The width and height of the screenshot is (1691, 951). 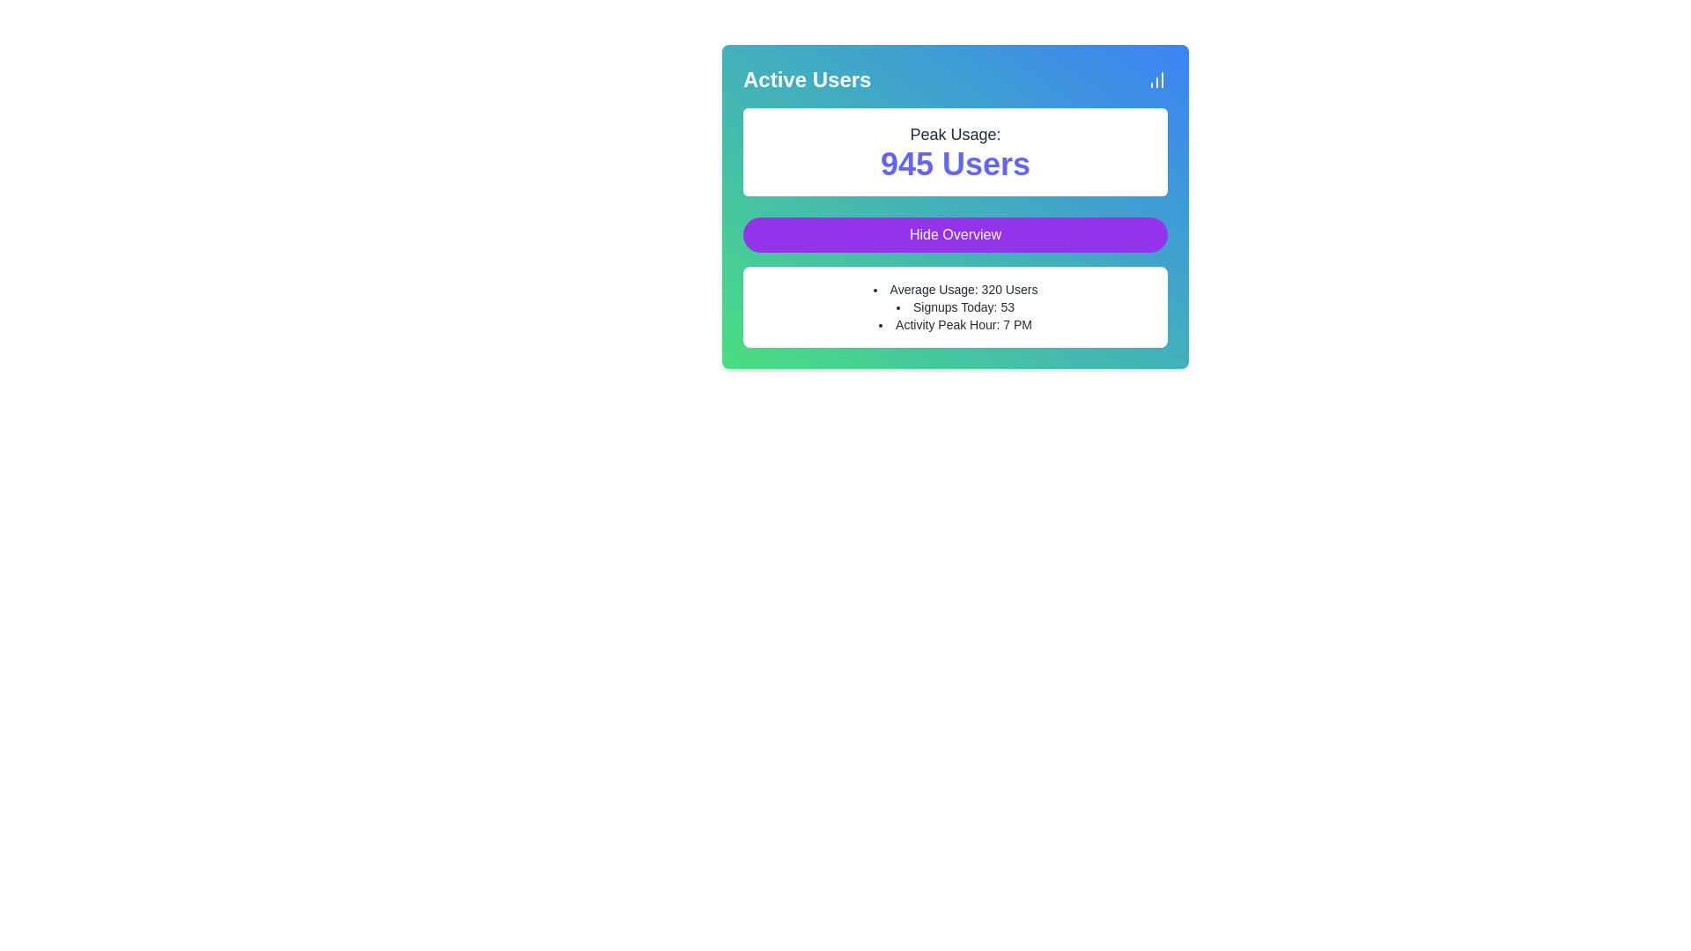 What do you see at coordinates (954, 288) in the screenshot?
I see `the first item in the bulleted list displaying average usage statistics, which is positioned above 'Signups Today: 53' and 'Activity Peak Hour: 7 PM'` at bounding box center [954, 288].